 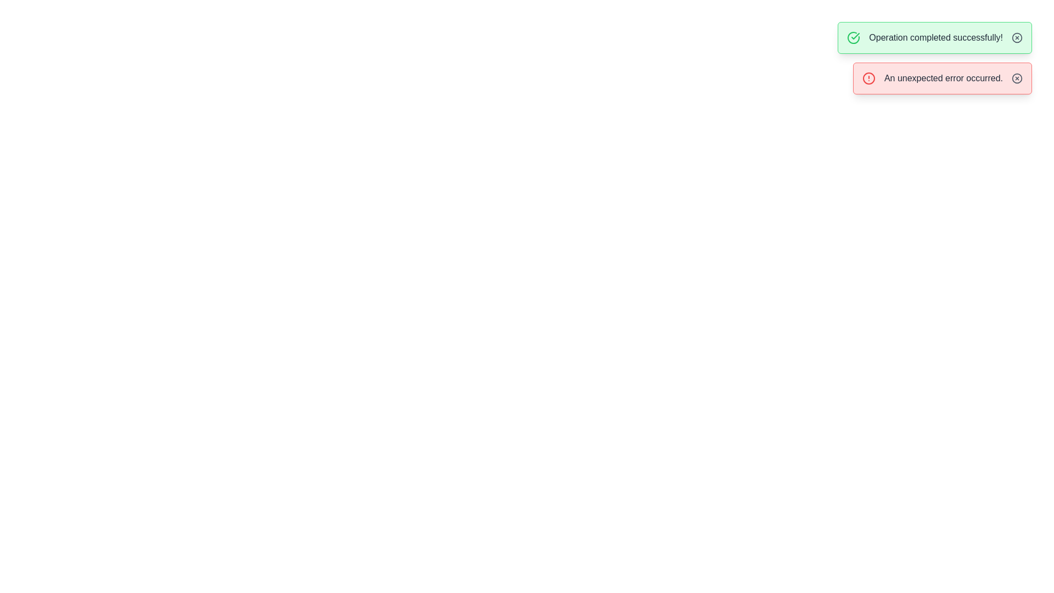 What do you see at coordinates (1016, 77) in the screenshot?
I see `the dismiss button located within the red rectangular notification box that says 'An unexpected error occurred.'` at bounding box center [1016, 77].